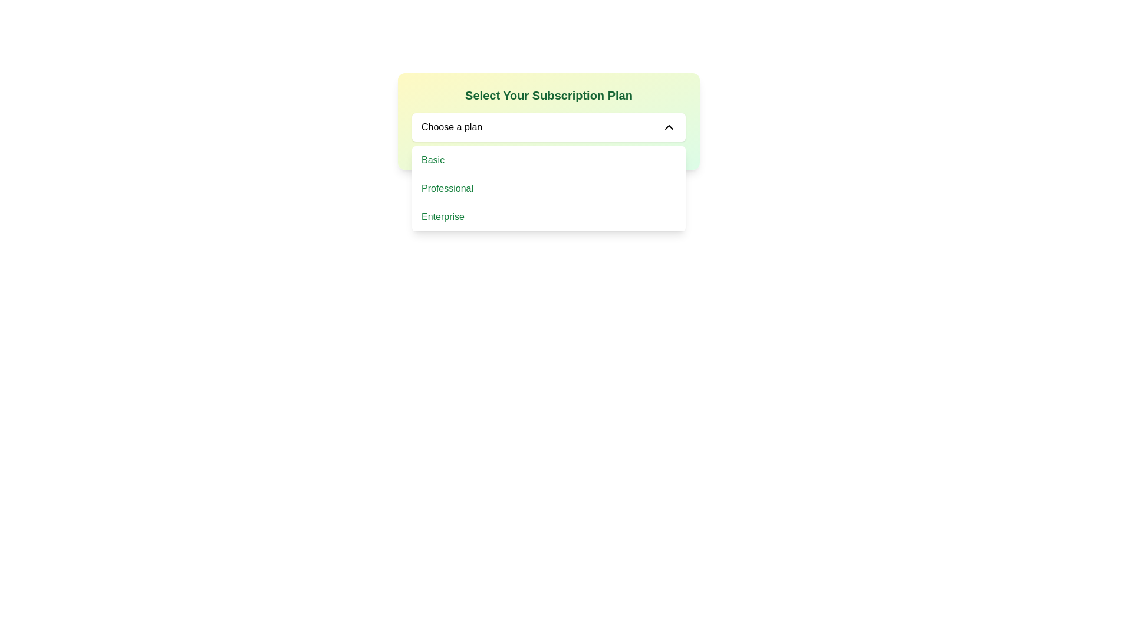 The width and height of the screenshot is (1132, 637). I want to click on to select the 'Enterprise' option in the dropdown menu, which is styled in green font and is the last option listed, so click(548, 216).